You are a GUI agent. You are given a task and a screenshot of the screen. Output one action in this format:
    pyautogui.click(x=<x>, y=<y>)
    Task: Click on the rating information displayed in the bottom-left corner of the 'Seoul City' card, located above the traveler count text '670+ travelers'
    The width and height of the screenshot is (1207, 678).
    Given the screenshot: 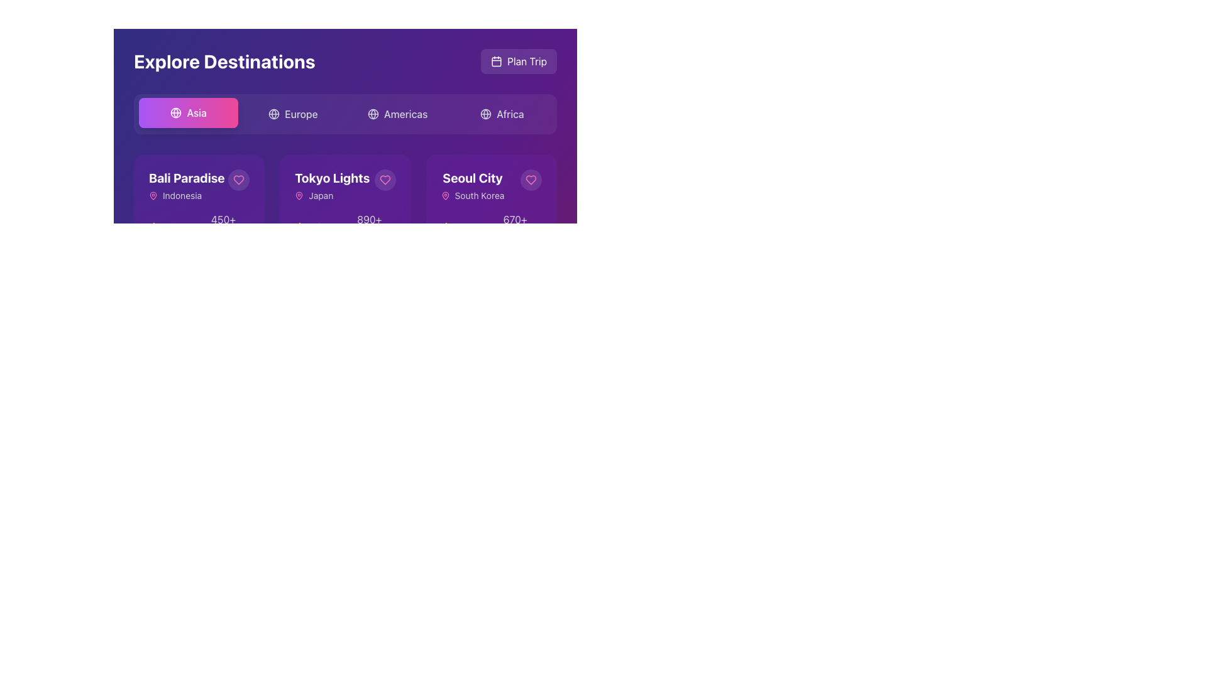 What is the action you would take?
    pyautogui.click(x=454, y=227)
    